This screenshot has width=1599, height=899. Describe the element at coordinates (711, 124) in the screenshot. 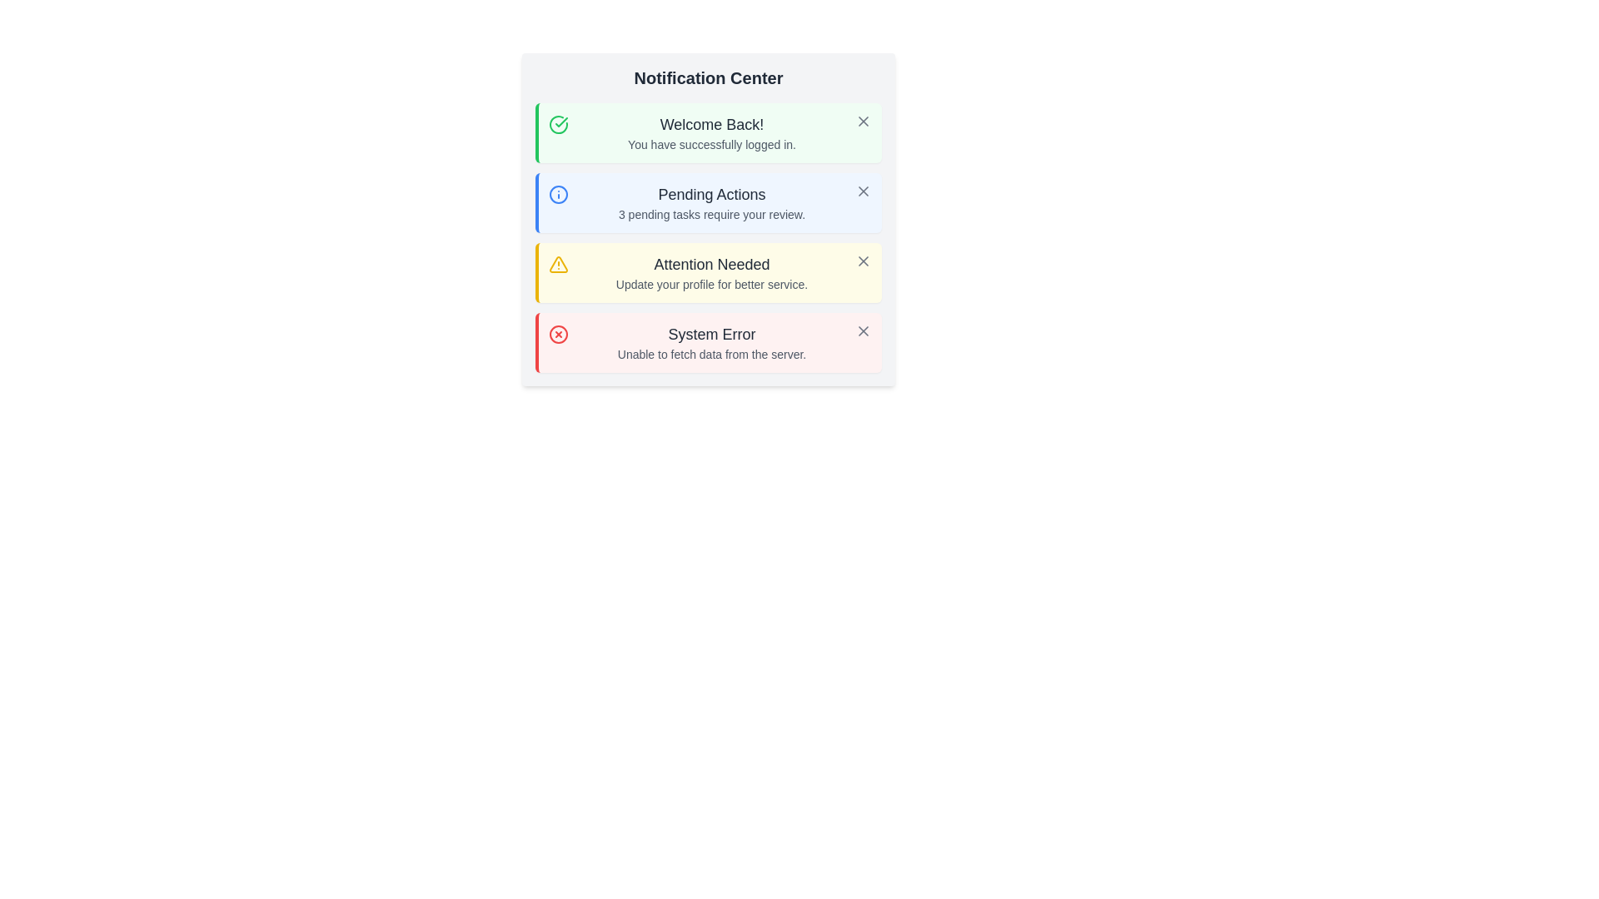

I see `the Text Label that displays 'Welcome Back!' which is styled in medium-weight font and dark gray color, located at the top of a notification card` at that location.